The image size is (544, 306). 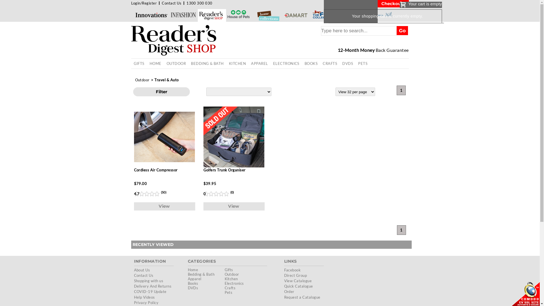 What do you see at coordinates (234, 283) in the screenshot?
I see `'Electronics'` at bounding box center [234, 283].